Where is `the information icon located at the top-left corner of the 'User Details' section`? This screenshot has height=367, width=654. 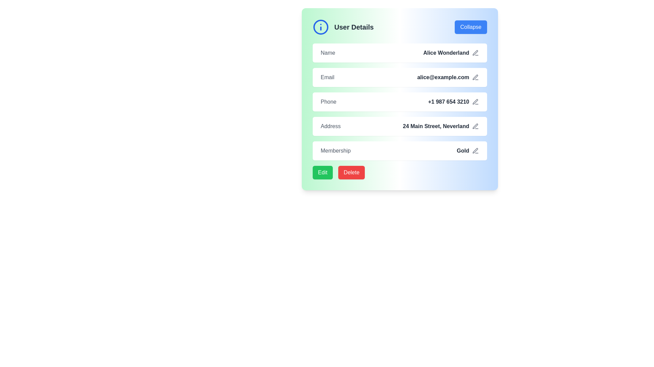
the information icon located at the top-left corner of the 'User Details' section is located at coordinates (320, 27).